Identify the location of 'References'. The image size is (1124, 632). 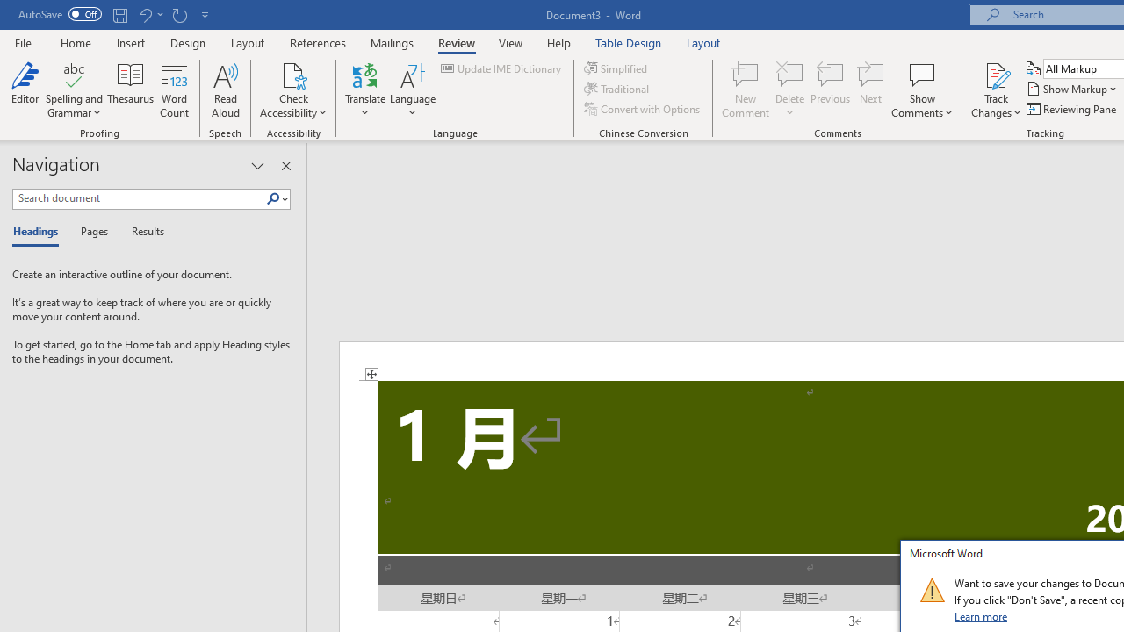
(318, 42).